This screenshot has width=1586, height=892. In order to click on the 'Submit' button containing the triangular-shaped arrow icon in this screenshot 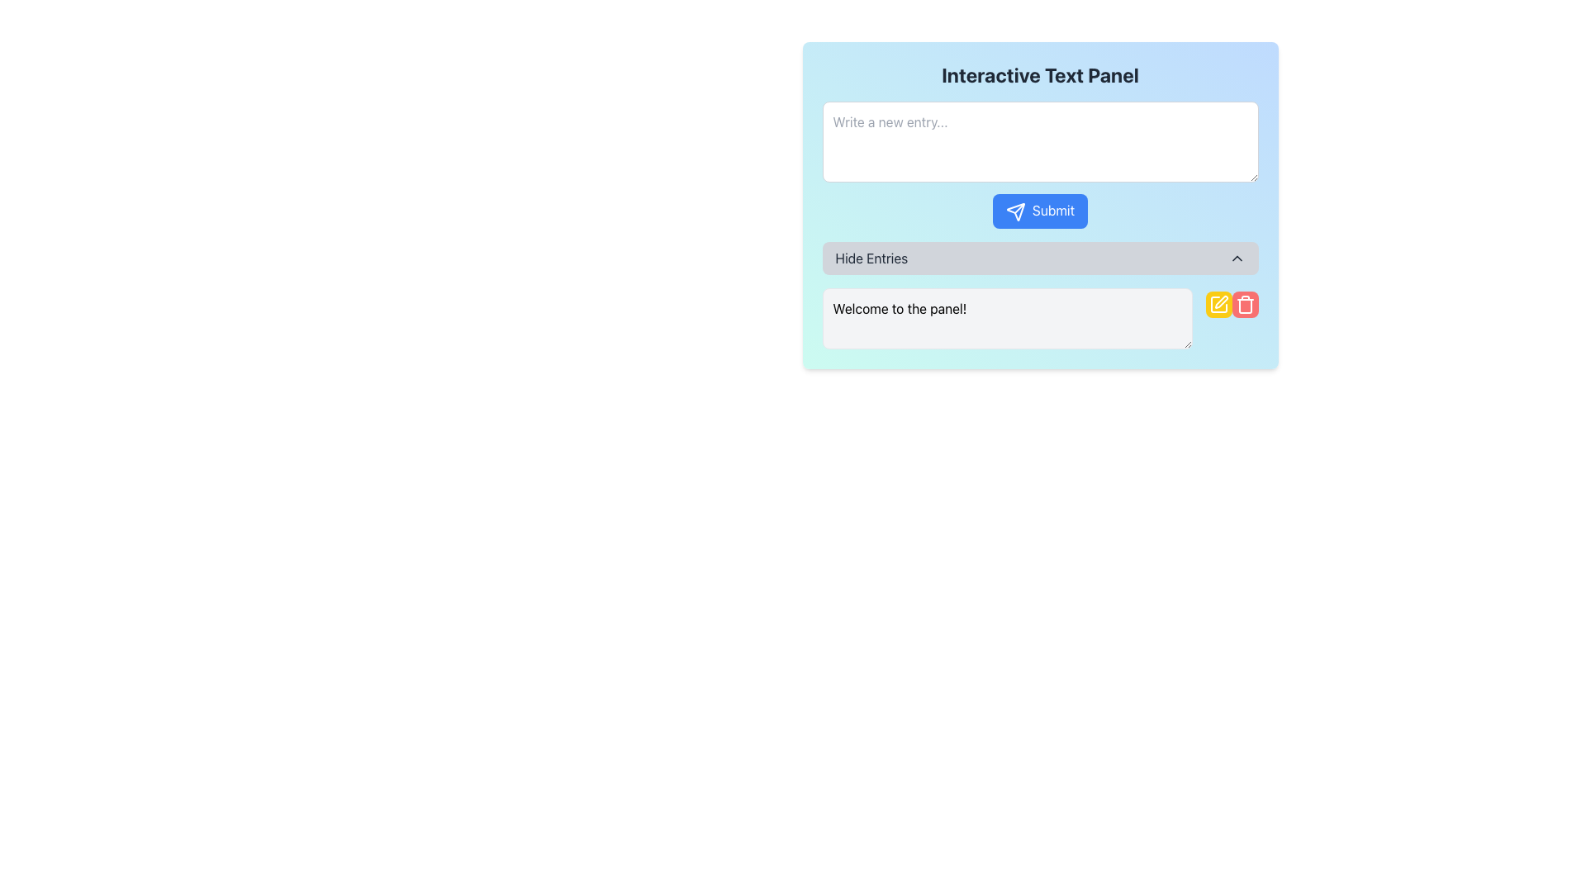, I will do `click(1014, 211)`.